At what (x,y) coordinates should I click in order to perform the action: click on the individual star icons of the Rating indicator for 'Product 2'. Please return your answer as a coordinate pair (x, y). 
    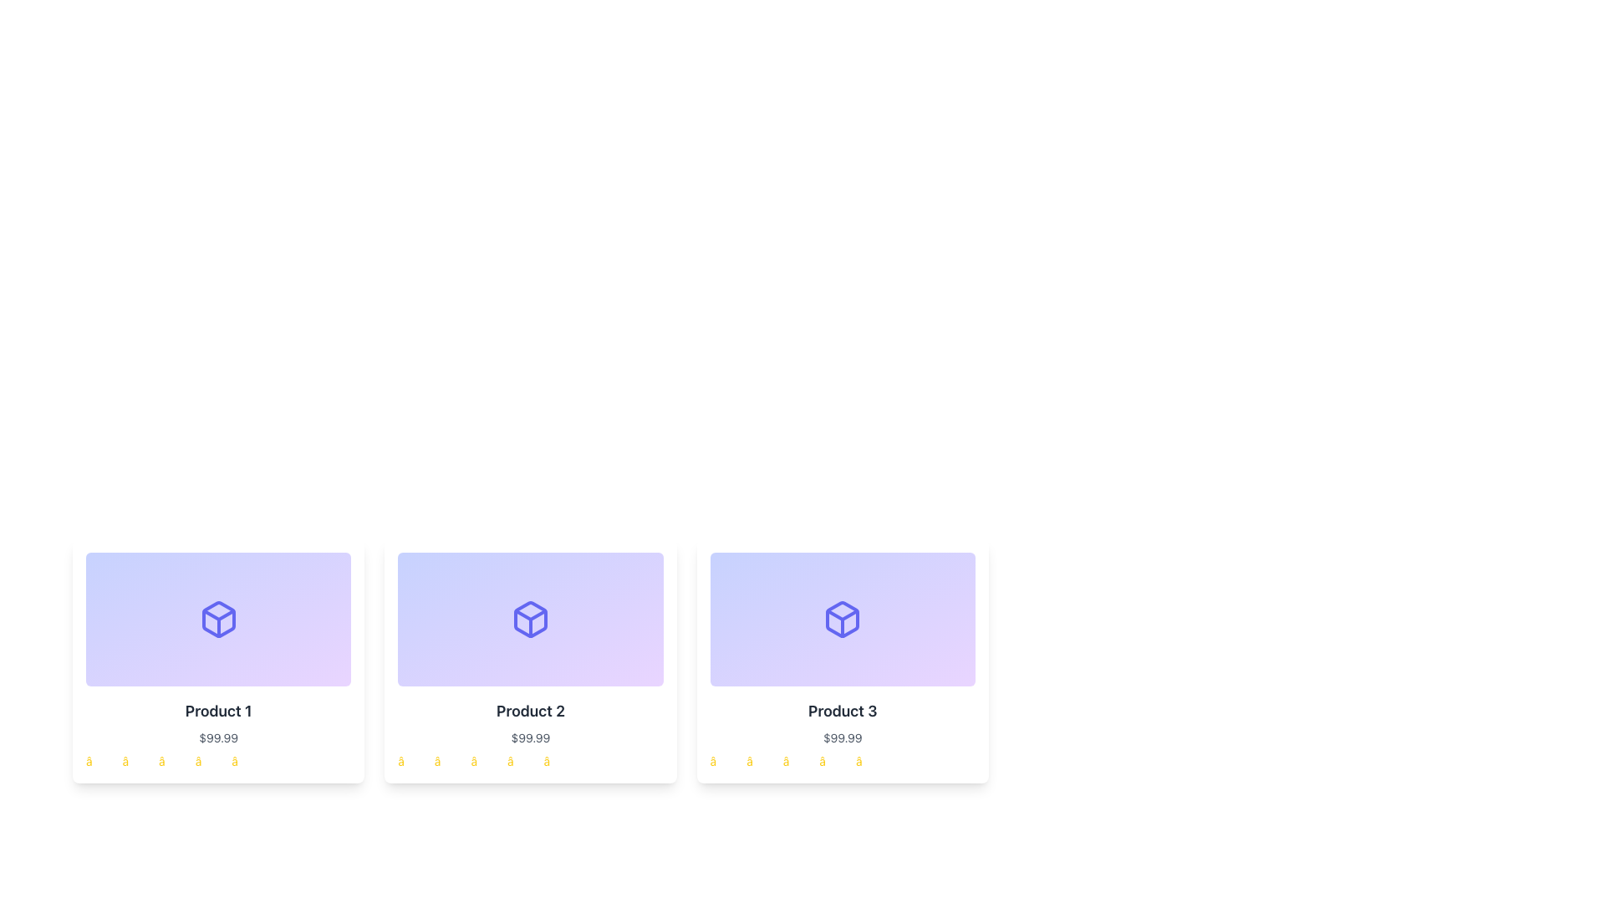
    Looking at the image, I should click on (529, 761).